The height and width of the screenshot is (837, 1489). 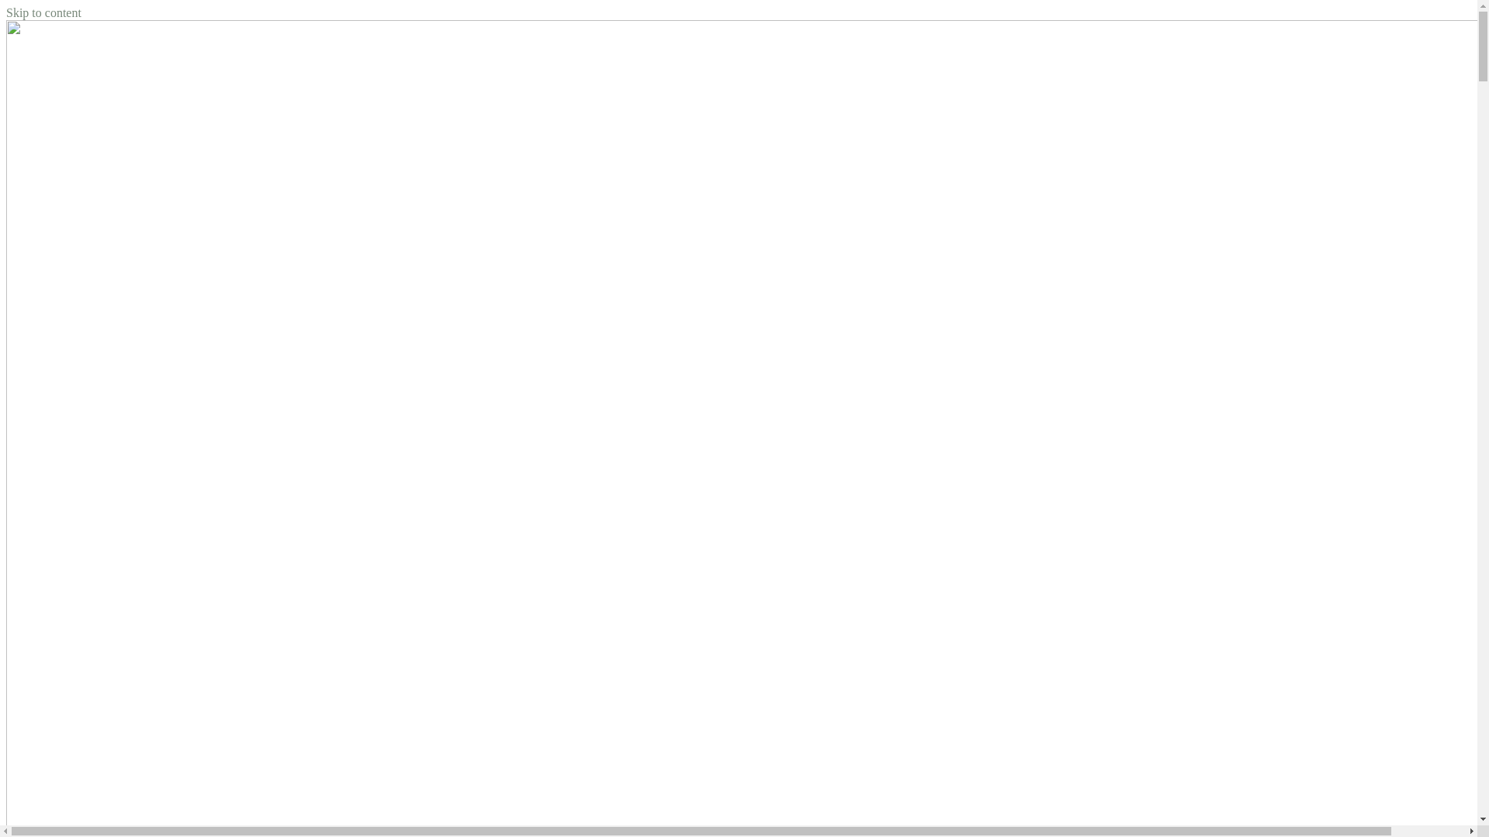 What do you see at coordinates (43, 12) in the screenshot?
I see `'Skip to content'` at bounding box center [43, 12].